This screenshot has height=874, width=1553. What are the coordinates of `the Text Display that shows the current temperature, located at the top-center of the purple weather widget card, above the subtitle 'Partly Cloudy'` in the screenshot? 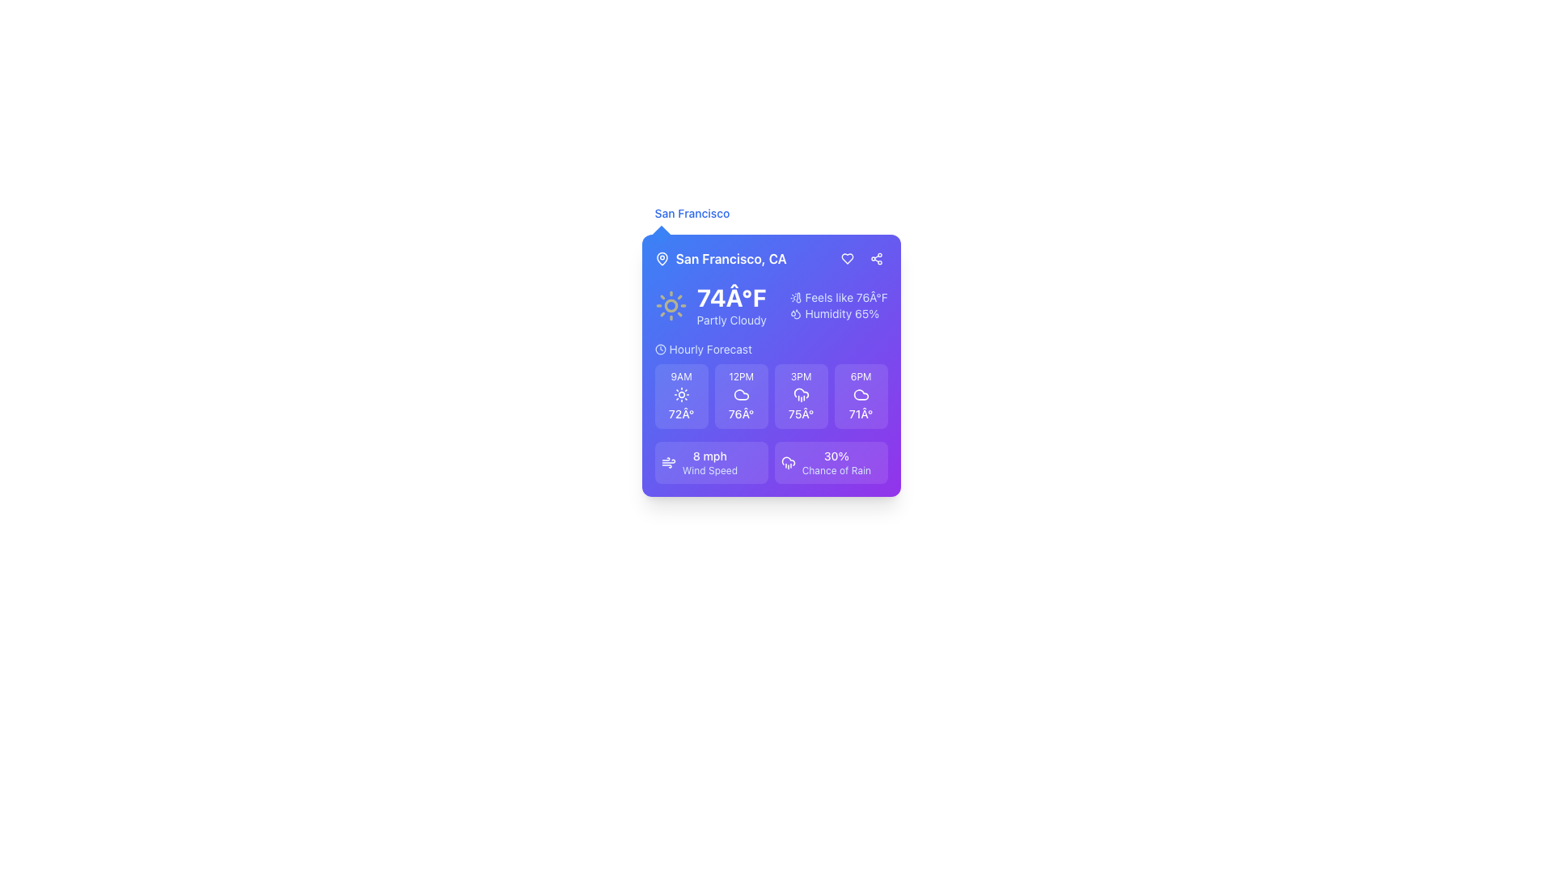 It's located at (730, 297).